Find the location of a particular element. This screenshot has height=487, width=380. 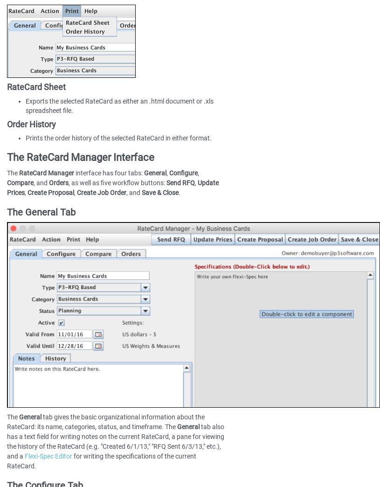

'tab also has a text field for writing notes on the current RateCard, a pane for viewing the history of the RateCard (e.g. "Created 6/1/13," "RFQ Sent 6/3/13," etc.), and a' is located at coordinates (116, 441).